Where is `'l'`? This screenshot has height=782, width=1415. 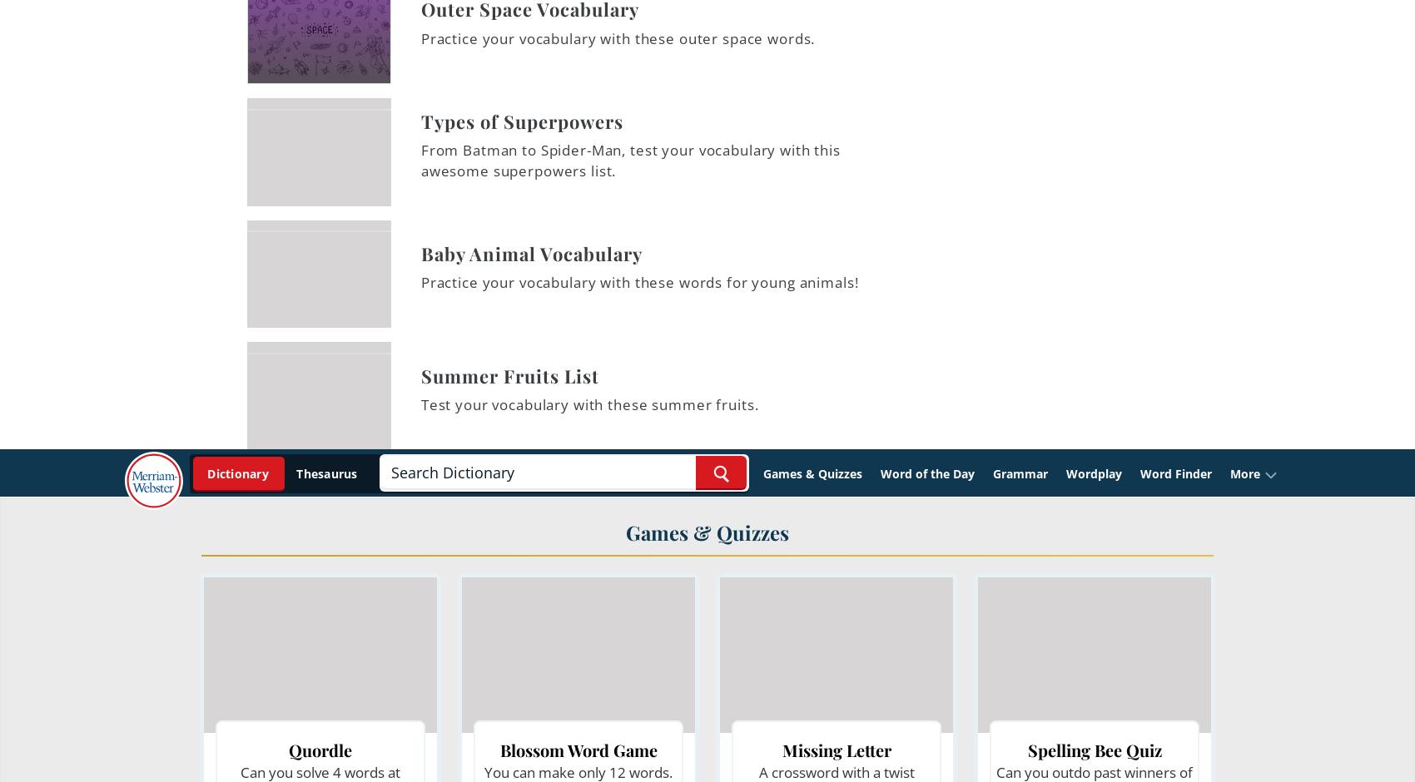
'l' is located at coordinates (691, 38).